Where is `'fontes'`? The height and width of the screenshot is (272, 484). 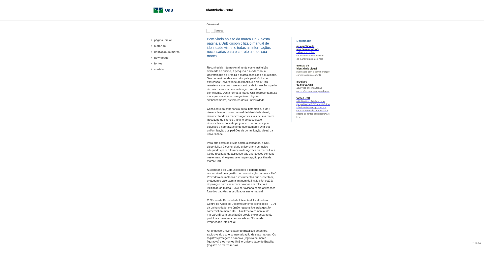
'fontes' is located at coordinates (158, 63).